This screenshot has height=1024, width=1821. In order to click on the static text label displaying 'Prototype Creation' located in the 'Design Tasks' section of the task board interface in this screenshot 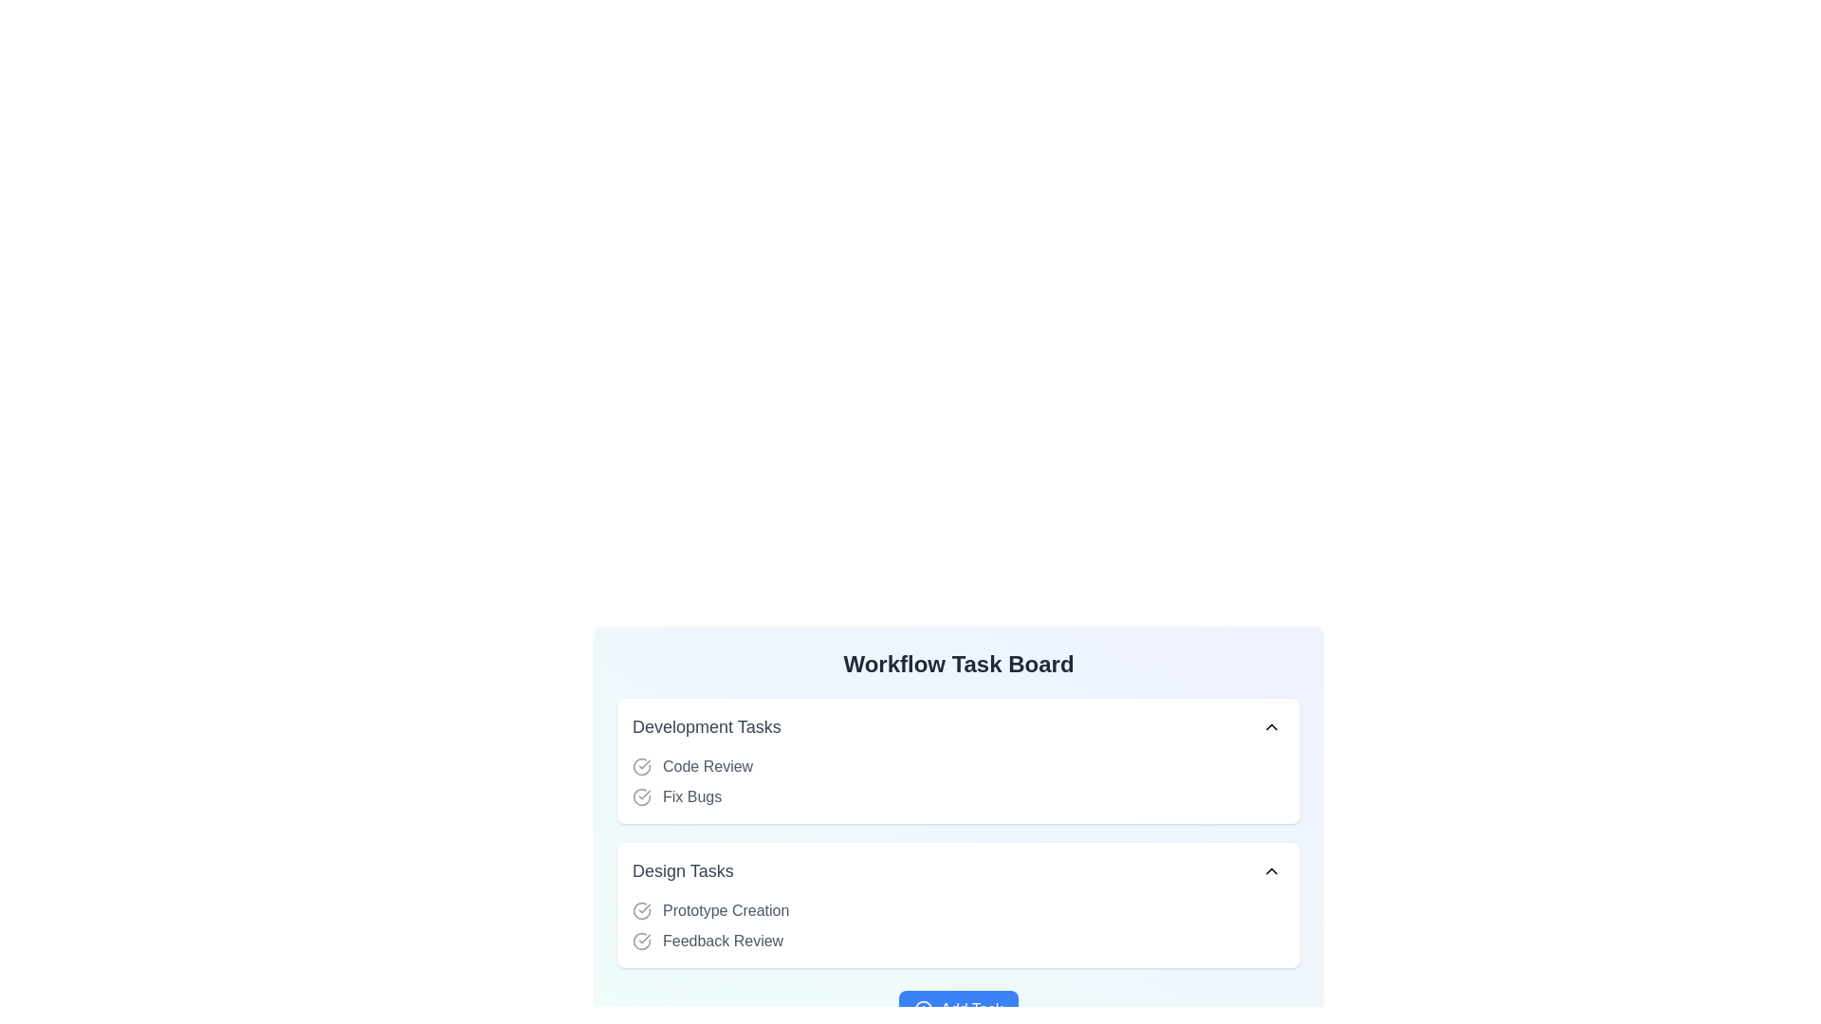, I will do `click(725, 909)`.